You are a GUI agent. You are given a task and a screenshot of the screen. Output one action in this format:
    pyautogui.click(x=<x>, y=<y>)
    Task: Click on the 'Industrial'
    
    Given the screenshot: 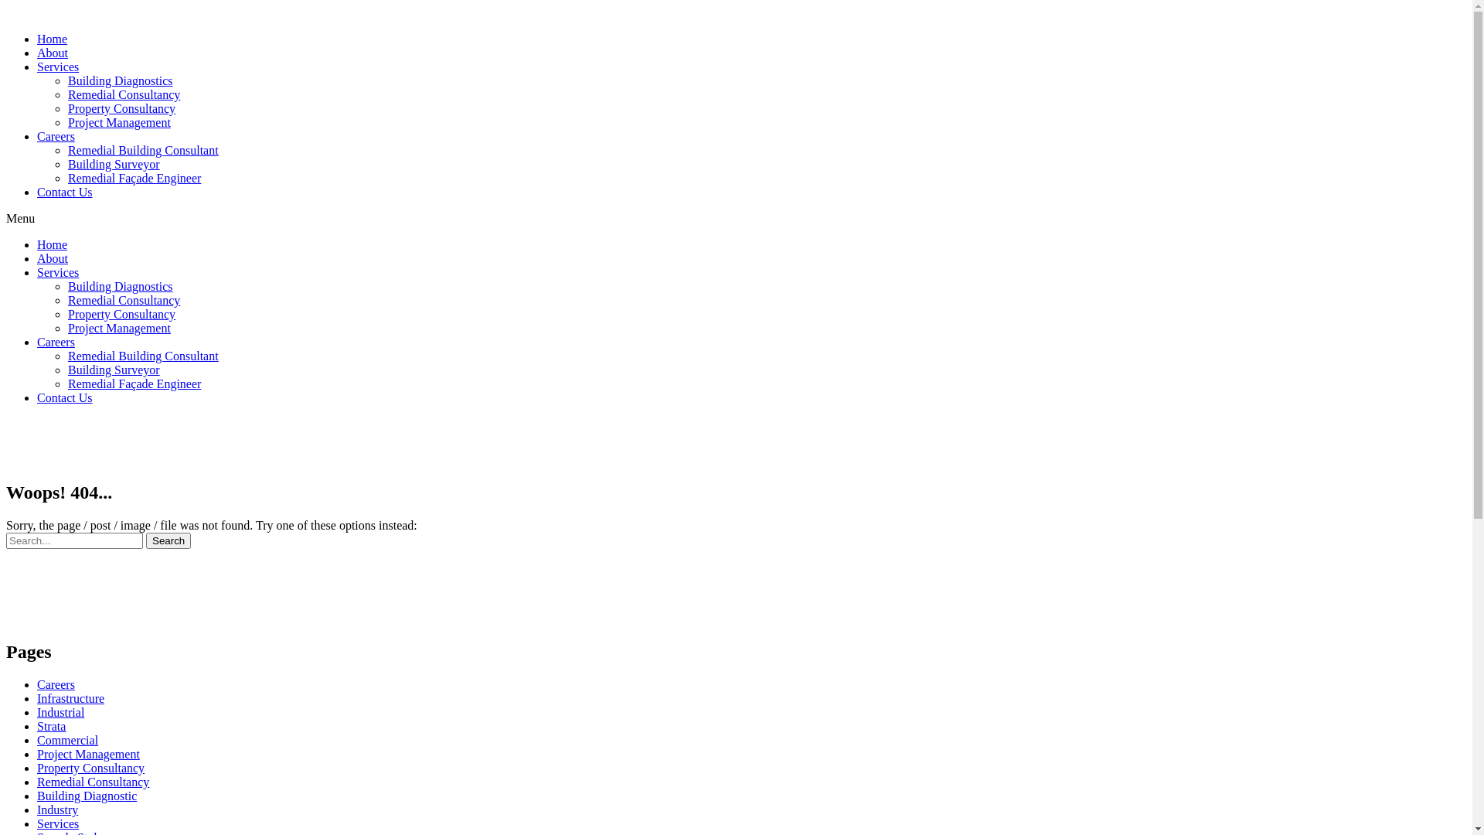 What is the action you would take?
    pyautogui.click(x=60, y=712)
    